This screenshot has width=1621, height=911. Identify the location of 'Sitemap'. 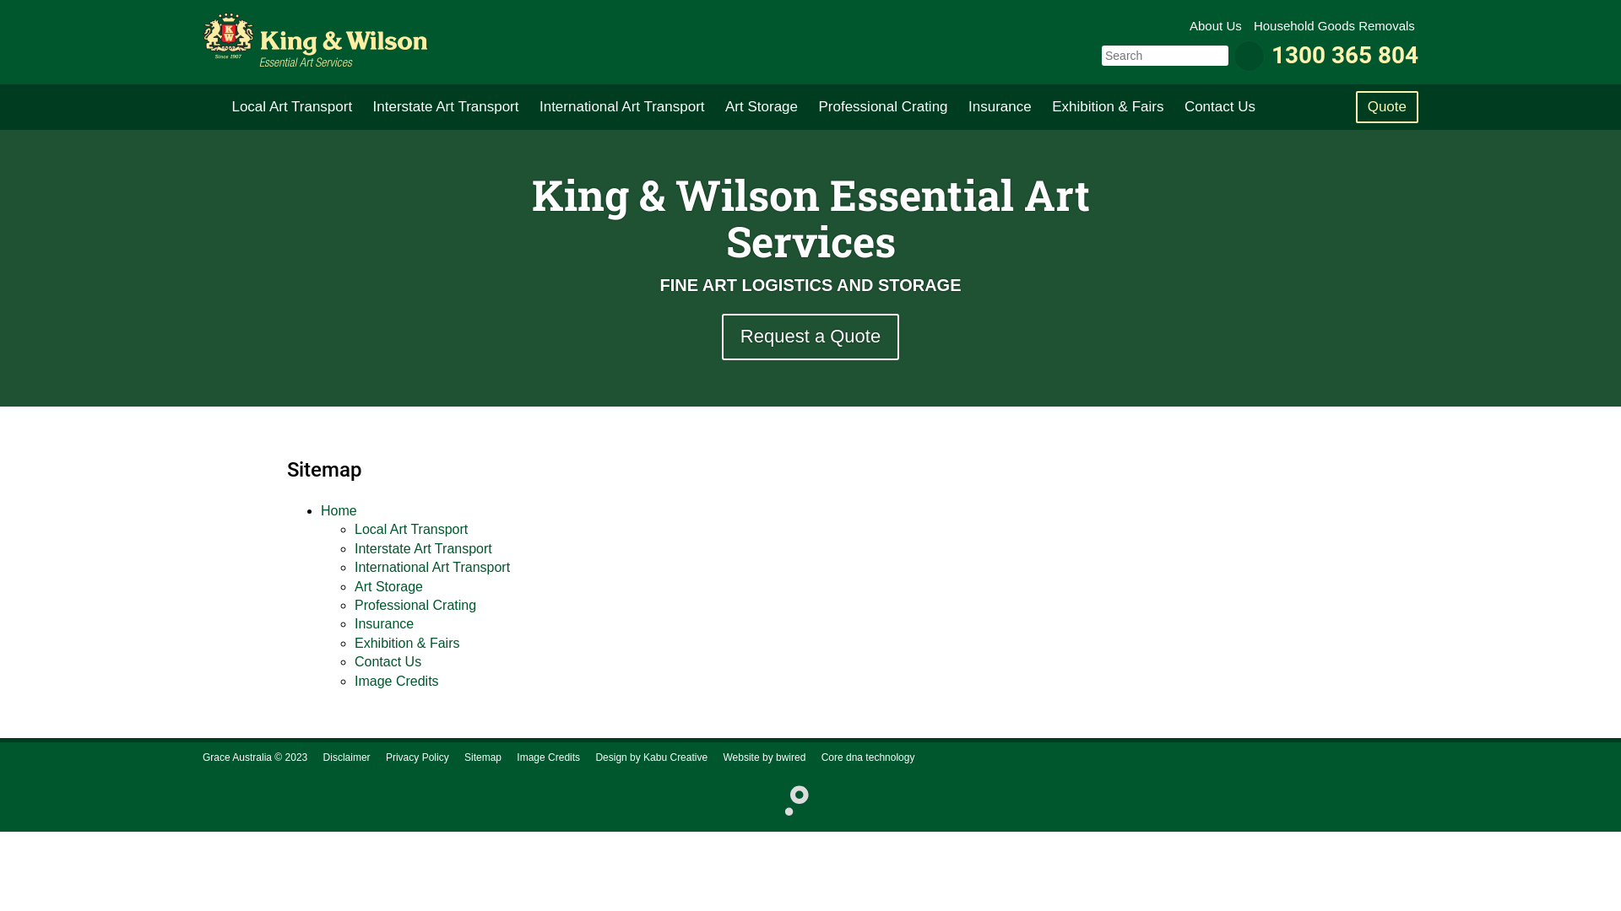
(481, 757).